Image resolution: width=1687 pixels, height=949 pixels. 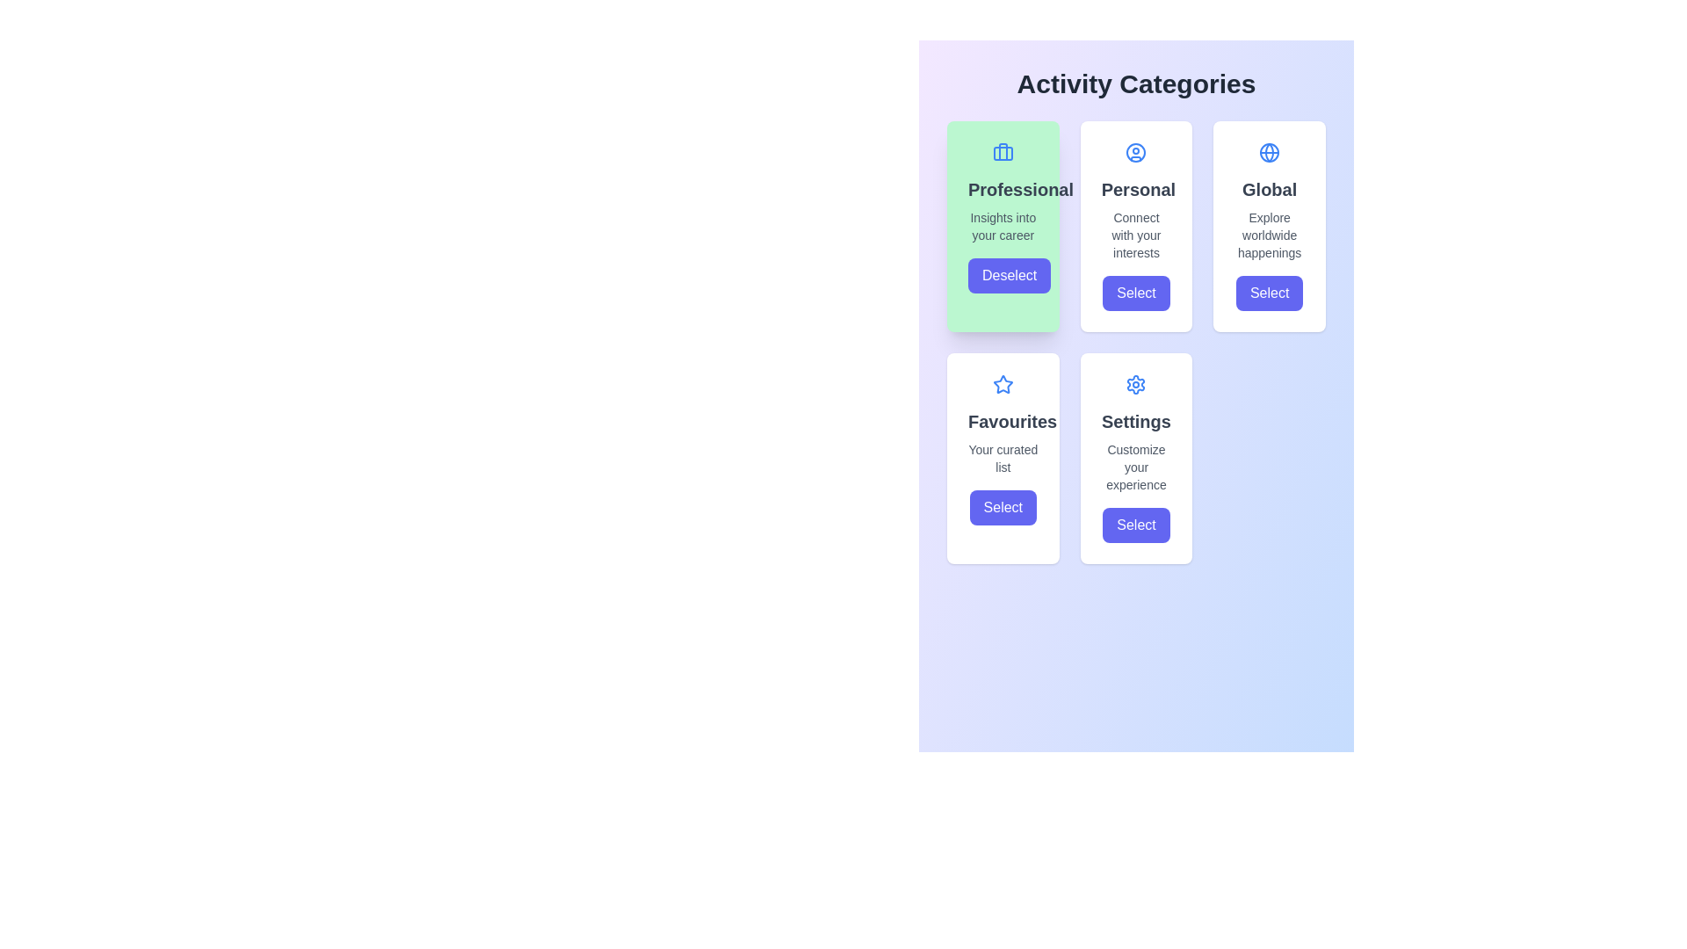 What do you see at coordinates (1270, 226) in the screenshot?
I see `the card labeled 'Global'` at bounding box center [1270, 226].